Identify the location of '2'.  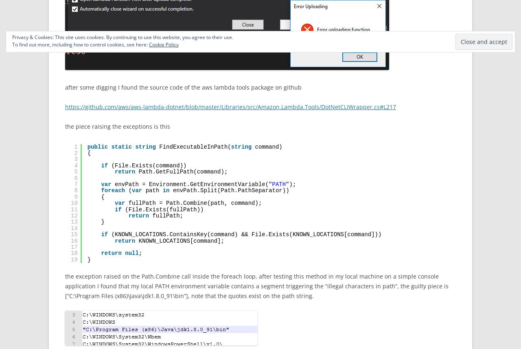
(75, 152).